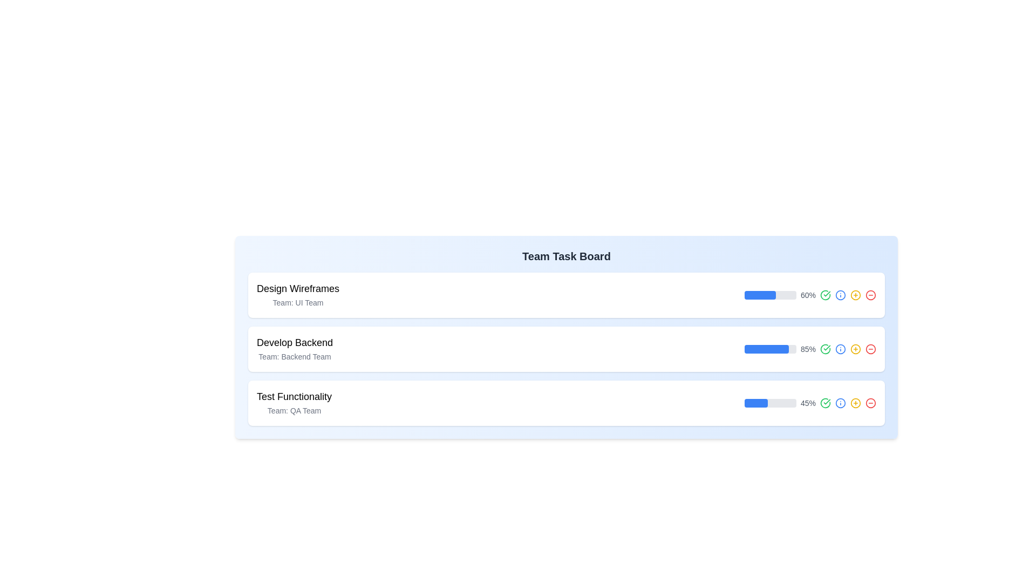 Image resolution: width=1036 pixels, height=583 pixels. What do you see at coordinates (825, 403) in the screenshot?
I see `the interactive checkmark icon located to the immediate right of the '45%' percentage label in the third task row` at bounding box center [825, 403].